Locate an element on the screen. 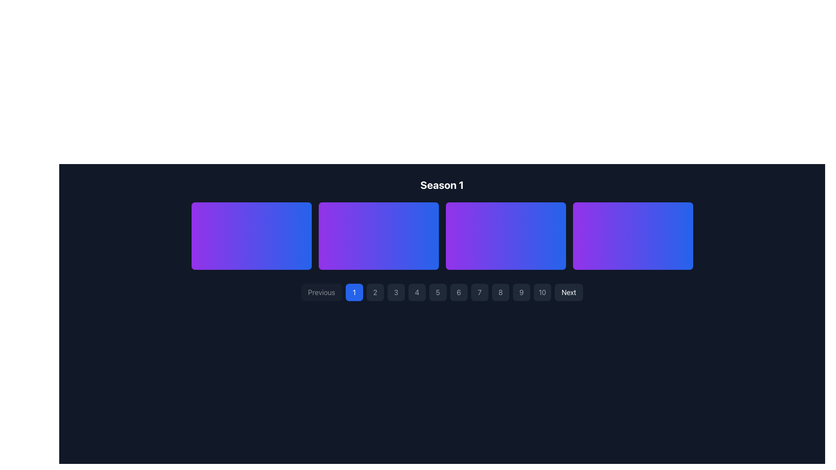 The width and height of the screenshot is (836, 470). the fourth gradient-styled card component with rounded edges in the grid layout is located at coordinates (633, 236).